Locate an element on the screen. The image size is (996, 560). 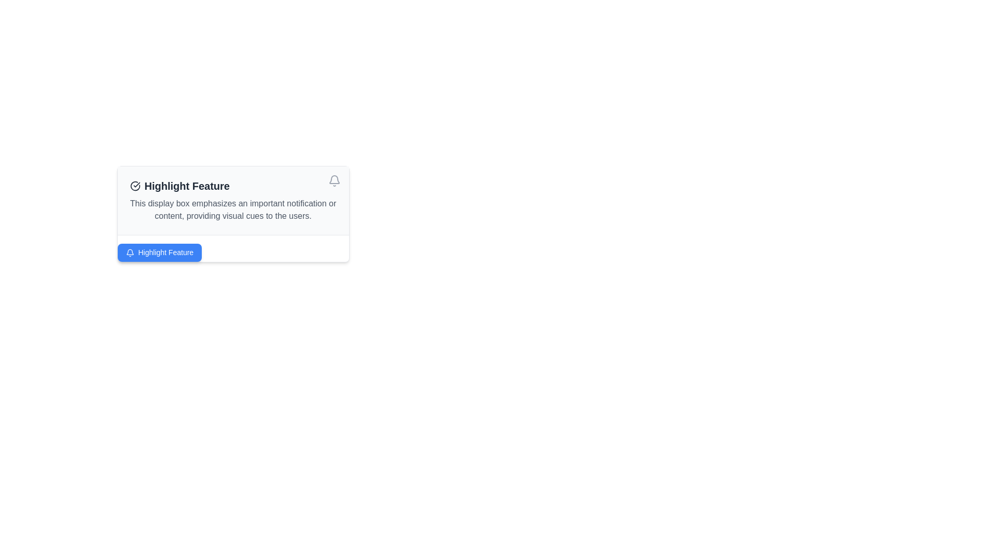
the unique blue button labeled 'Highlight Feature' with a bell icon is located at coordinates (159, 253).